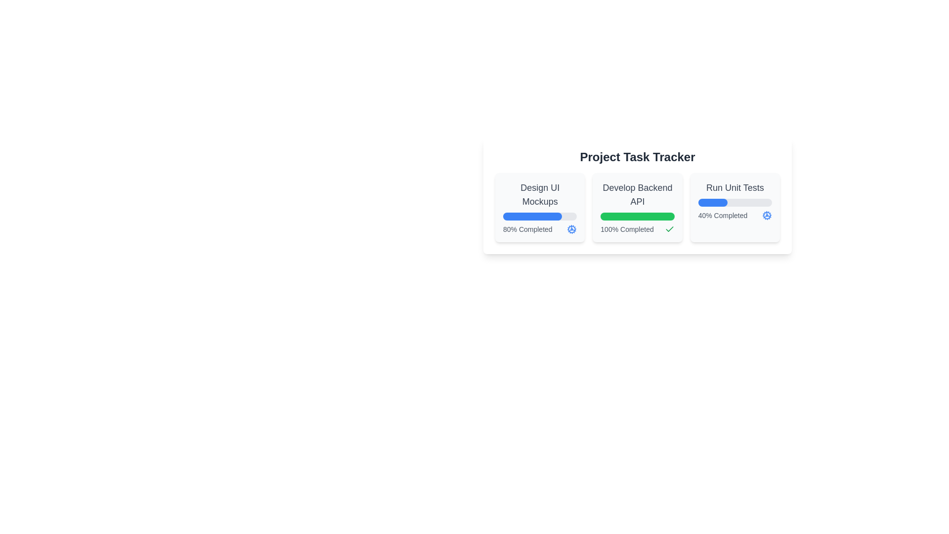  Describe the element at coordinates (527, 229) in the screenshot. I see `the static text label that reads '80% Completed', which is located below the 'Design UI Mockups' label and adjacent to a progress bar, to indicate its completion status` at that location.